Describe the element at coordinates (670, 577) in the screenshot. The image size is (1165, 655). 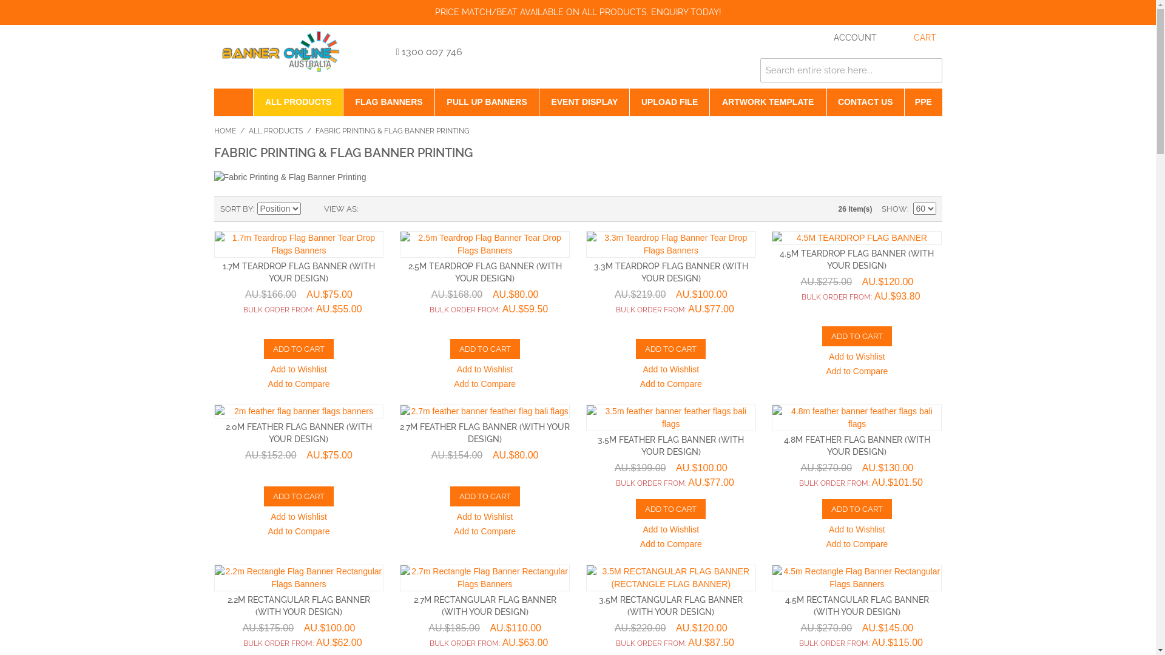
I see `'3.5M RECTANGULAR FLAG BANNER (RECTANGLE FLAG BANNER) '` at that location.